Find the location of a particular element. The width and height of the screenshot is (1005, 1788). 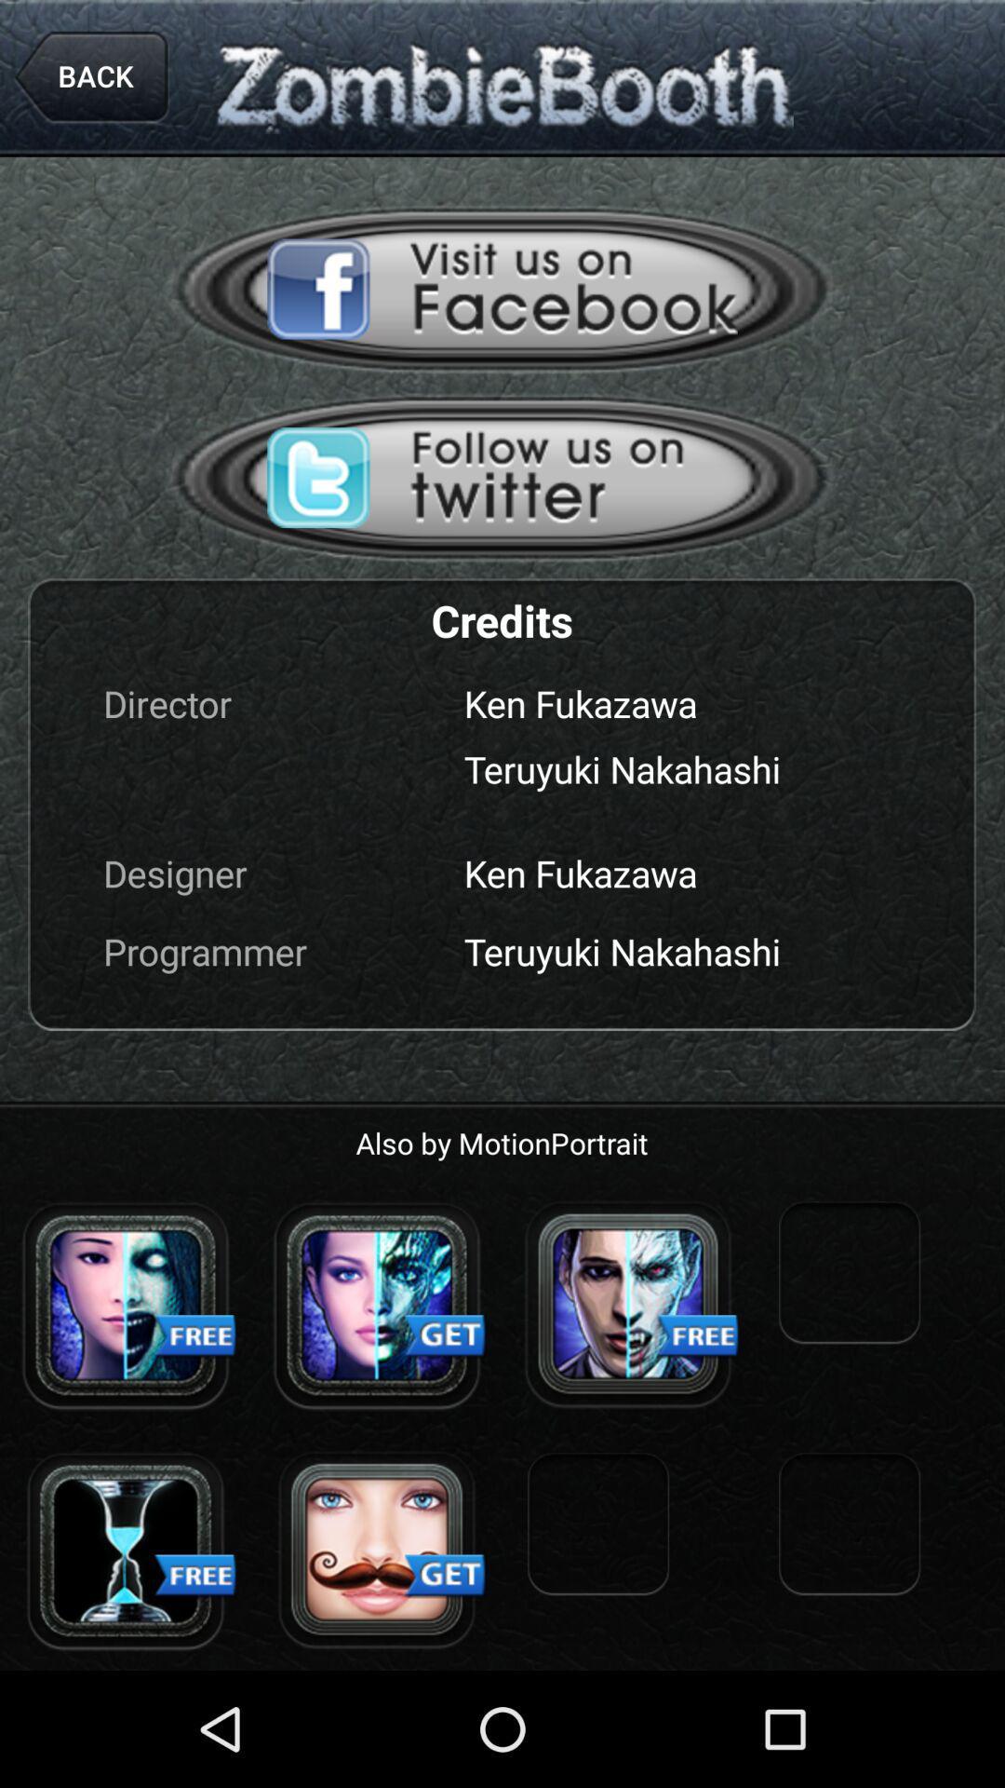

get zombie profile is located at coordinates (377, 1551).